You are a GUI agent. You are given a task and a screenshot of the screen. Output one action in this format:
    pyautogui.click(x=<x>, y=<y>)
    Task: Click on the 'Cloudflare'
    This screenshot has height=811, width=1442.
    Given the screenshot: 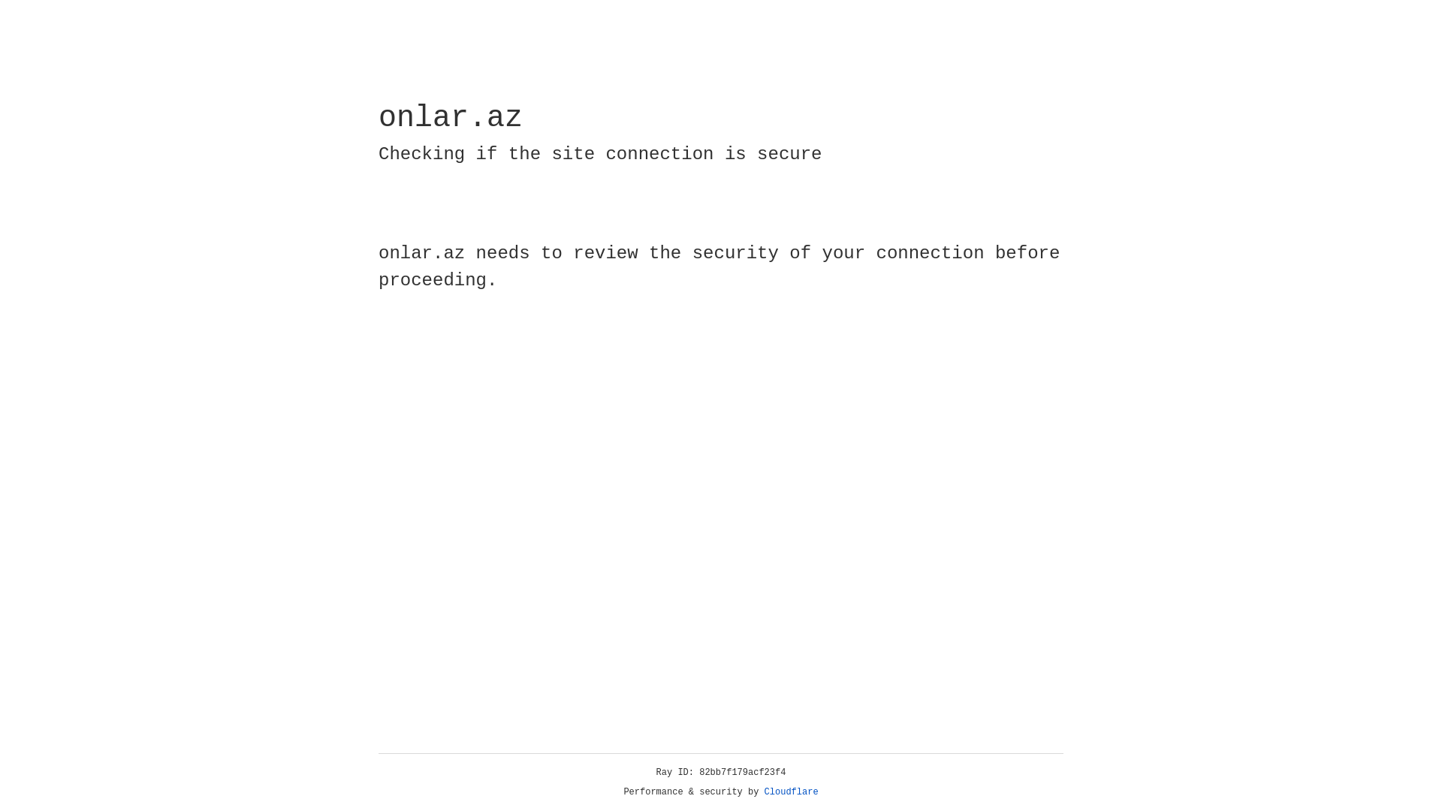 What is the action you would take?
    pyautogui.click(x=791, y=791)
    